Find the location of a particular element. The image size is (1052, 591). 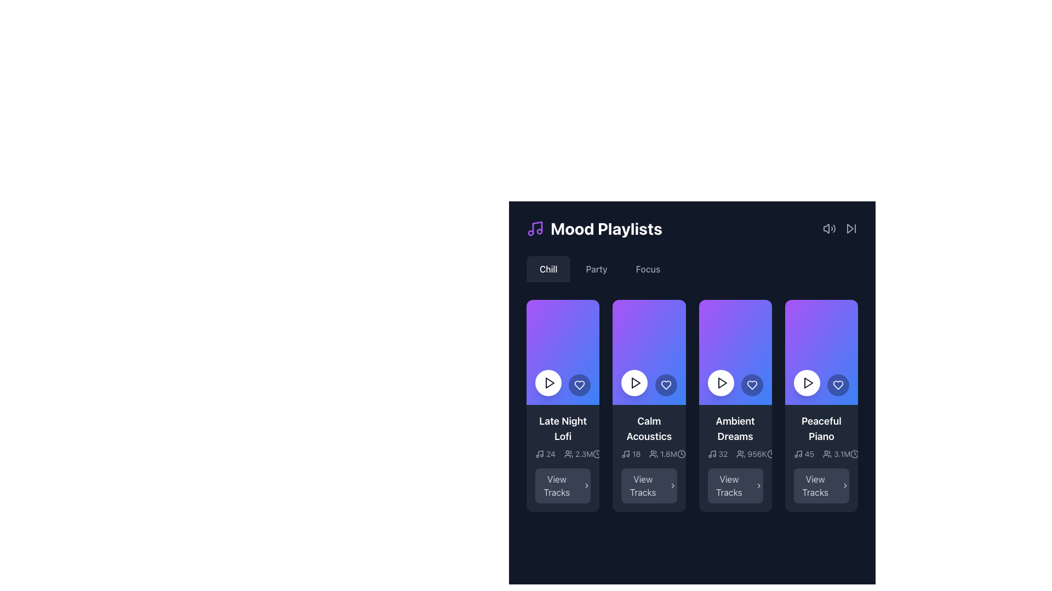

the Icon component of the musical note SVG graphic, which resembles a note stem and flag, located in the top-left corner near the 'Mood Playlists' title is located at coordinates (541, 454).